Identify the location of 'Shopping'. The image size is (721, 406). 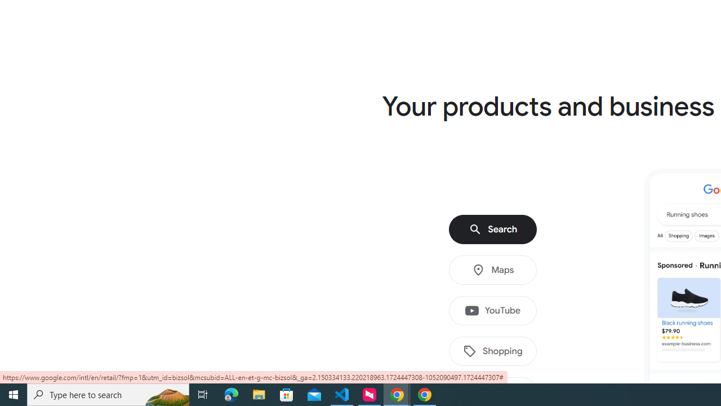
(493, 351).